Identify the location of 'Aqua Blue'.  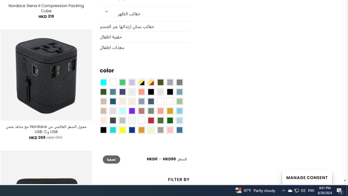
(103, 82).